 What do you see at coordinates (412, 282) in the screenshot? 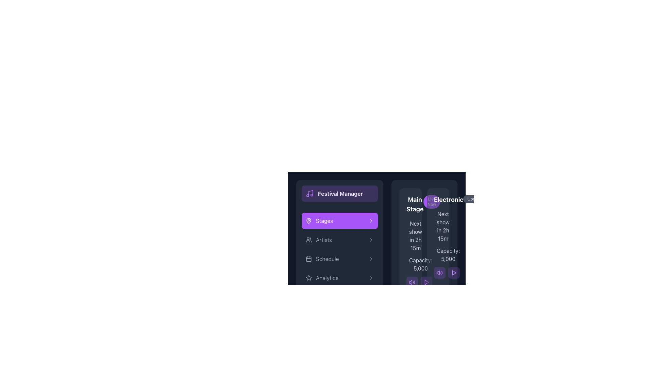
I see `the audio control button, which is the left-most button in the horizontal array of controls below the 'Main Stage' section` at bounding box center [412, 282].